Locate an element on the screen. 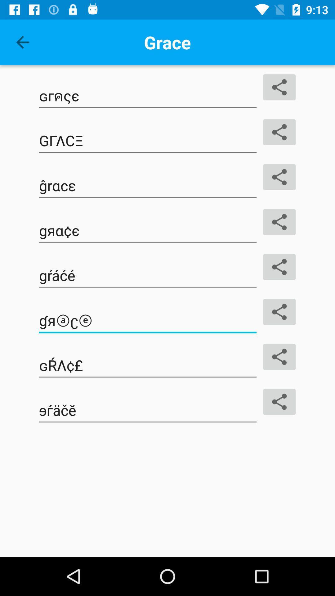 The width and height of the screenshot is (335, 596). the share icon is located at coordinates (279, 402).